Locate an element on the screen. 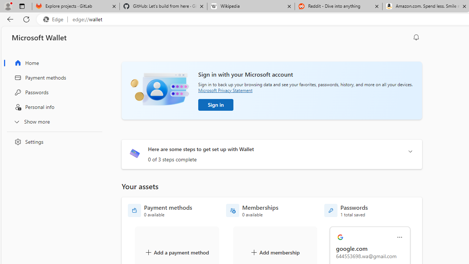  'Payment methods - 0 available' is located at coordinates (160, 210).